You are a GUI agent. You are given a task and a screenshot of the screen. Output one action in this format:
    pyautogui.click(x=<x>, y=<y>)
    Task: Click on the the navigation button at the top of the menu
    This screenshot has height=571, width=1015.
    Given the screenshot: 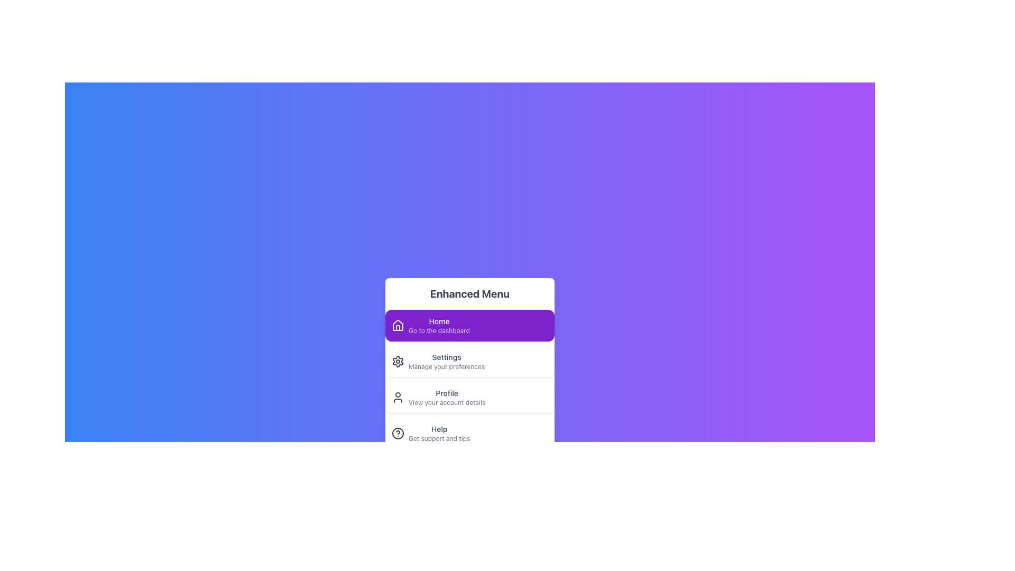 What is the action you would take?
    pyautogui.click(x=469, y=325)
    